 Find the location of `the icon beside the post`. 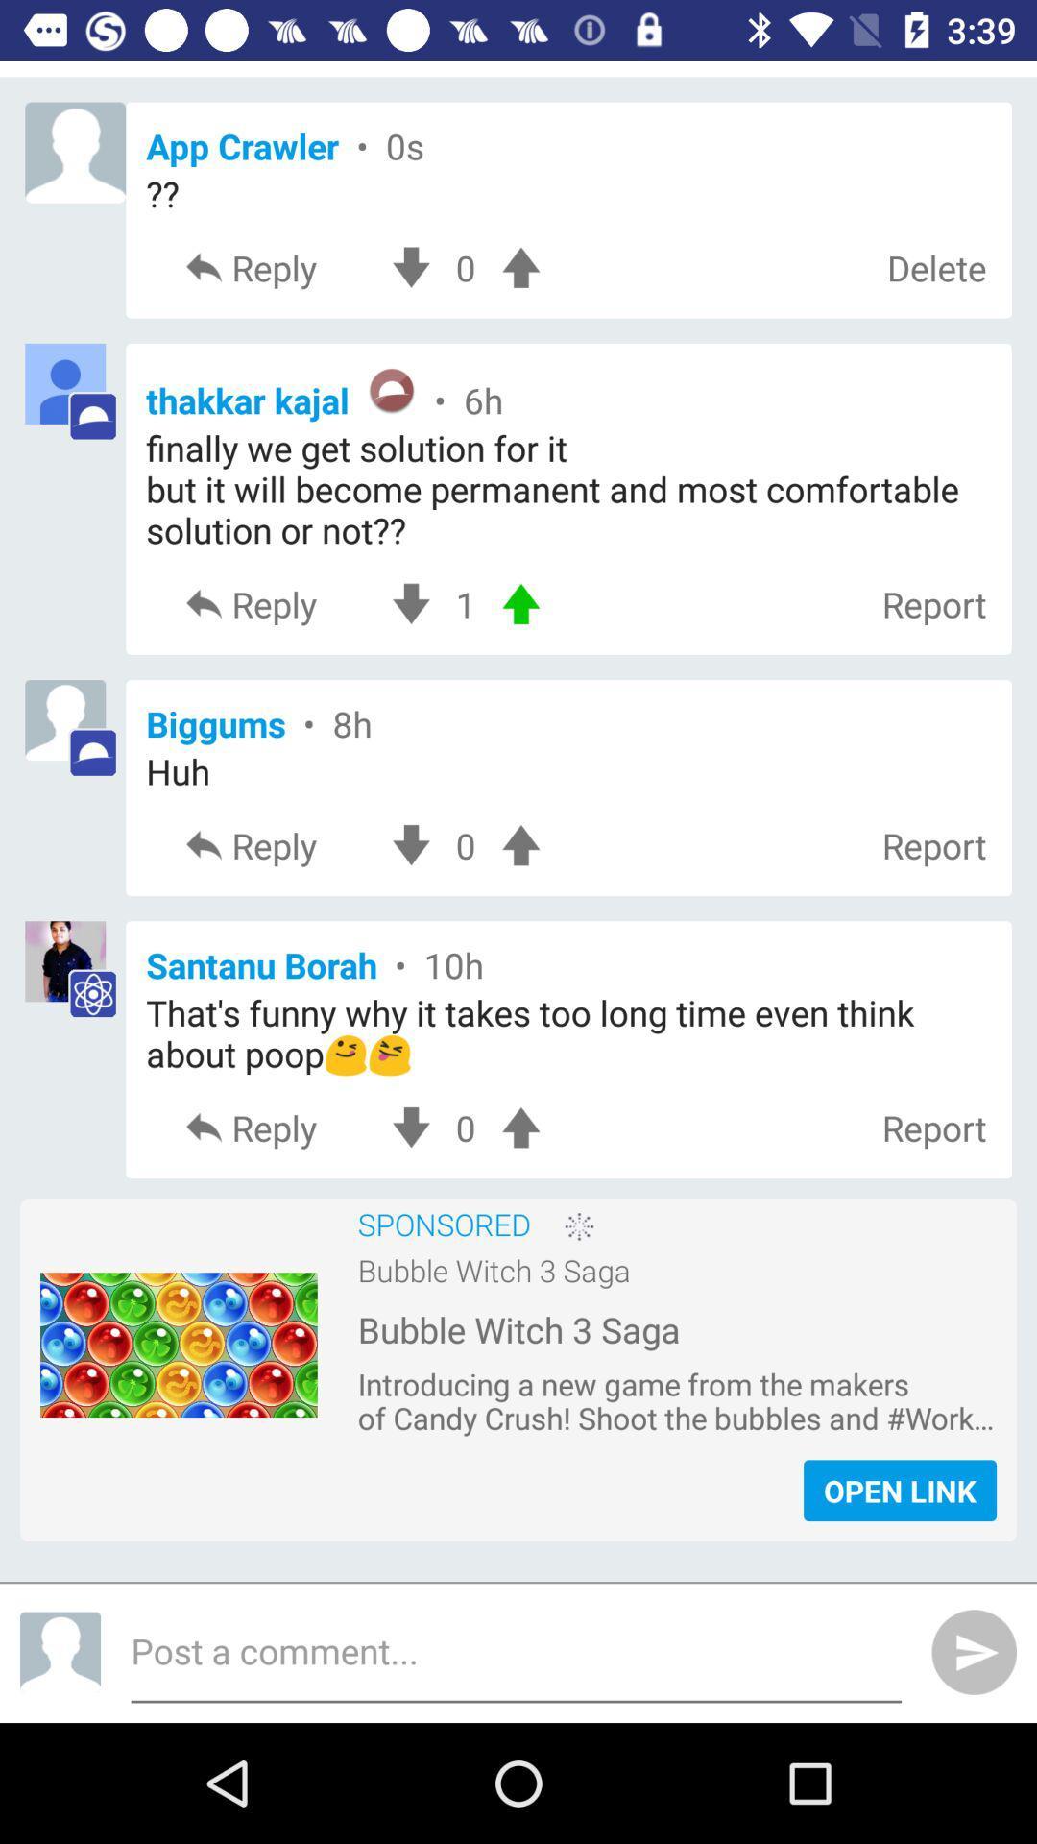

the icon beside the post is located at coordinates (59, 1652).